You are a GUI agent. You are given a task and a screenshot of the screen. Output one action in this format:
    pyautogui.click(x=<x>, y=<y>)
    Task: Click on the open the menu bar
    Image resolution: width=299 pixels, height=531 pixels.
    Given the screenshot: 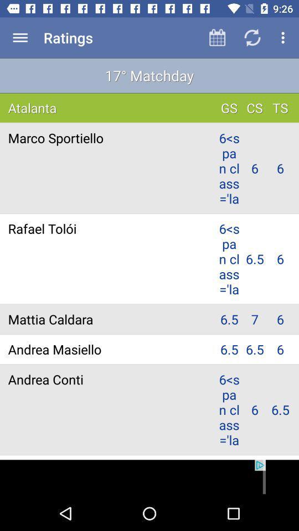 What is the action you would take?
    pyautogui.click(x=20, y=38)
    